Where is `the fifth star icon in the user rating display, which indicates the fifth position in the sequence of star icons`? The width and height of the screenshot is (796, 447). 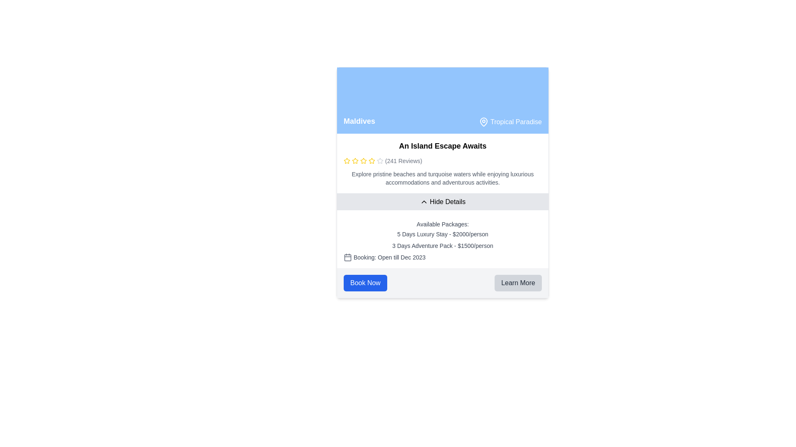 the fifth star icon in the user rating display, which indicates the fifth position in the sequence of star icons is located at coordinates (364, 161).